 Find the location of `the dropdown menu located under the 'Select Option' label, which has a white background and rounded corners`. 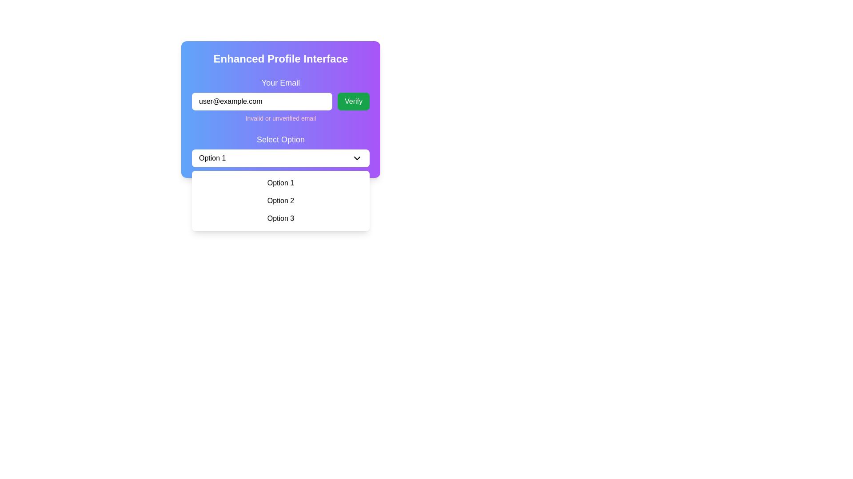

the dropdown menu located under the 'Select Option' label, which has a white background and rounded corners is located at coordinates (280, 200).